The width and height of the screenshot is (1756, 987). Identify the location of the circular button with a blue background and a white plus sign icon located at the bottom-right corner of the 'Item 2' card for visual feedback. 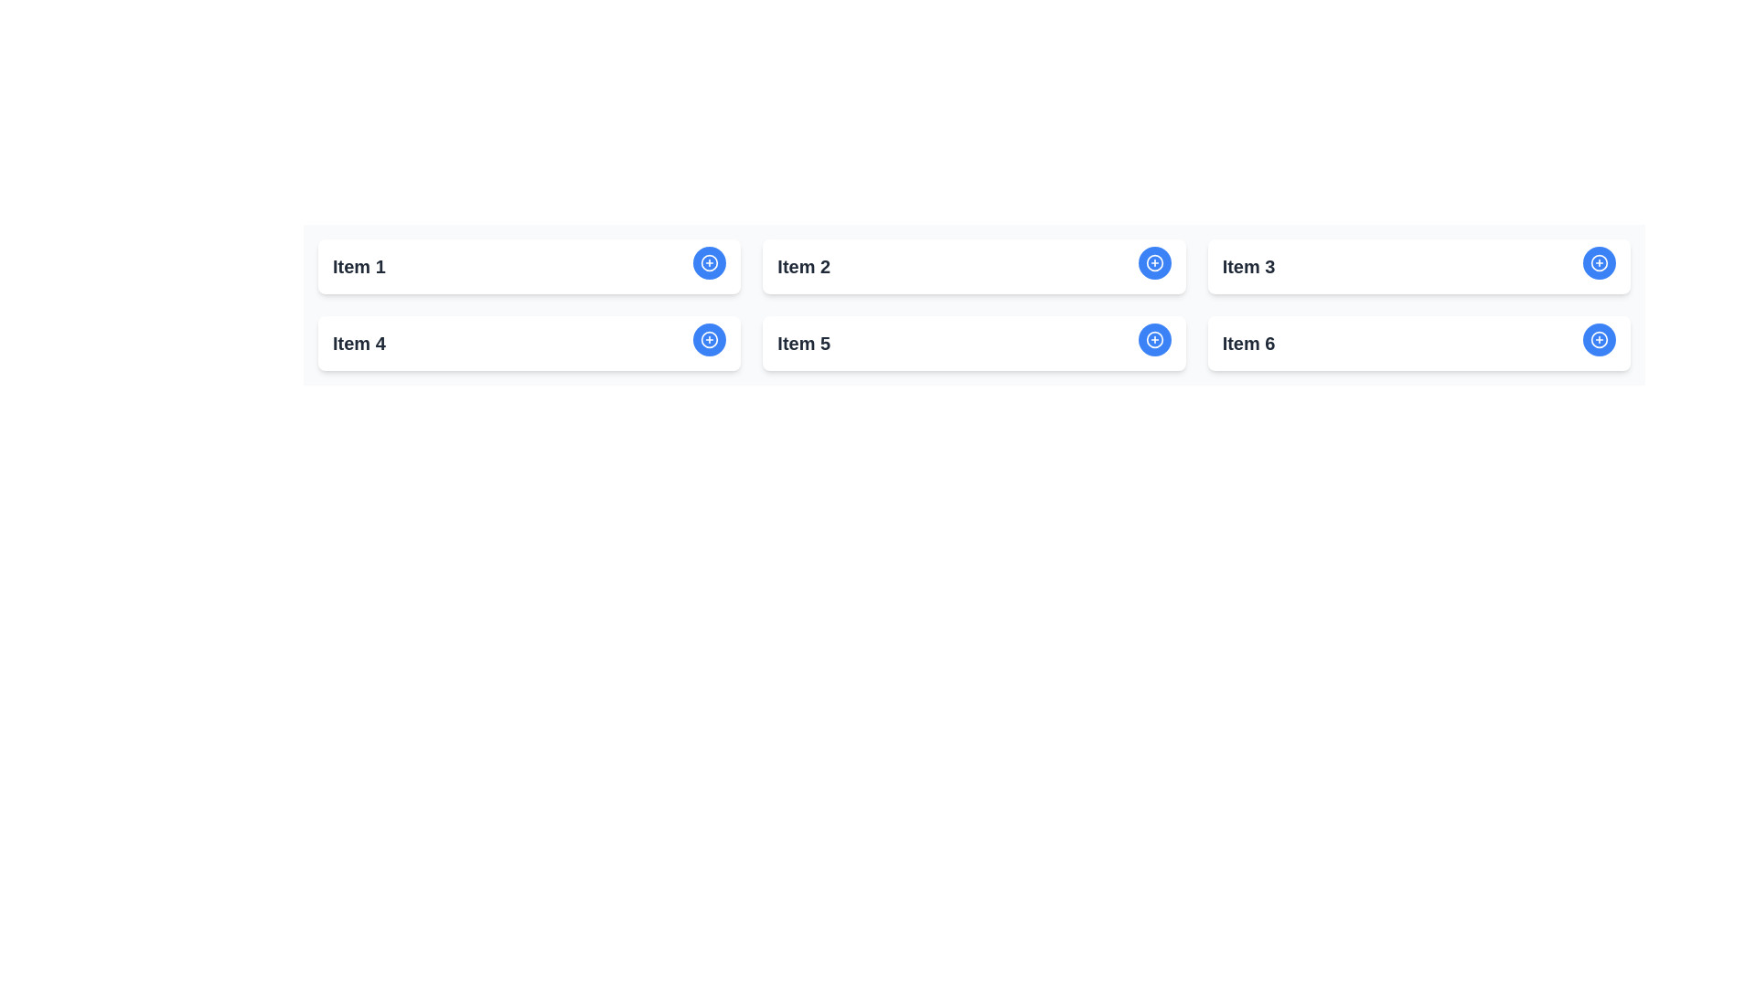
(1153, 263).